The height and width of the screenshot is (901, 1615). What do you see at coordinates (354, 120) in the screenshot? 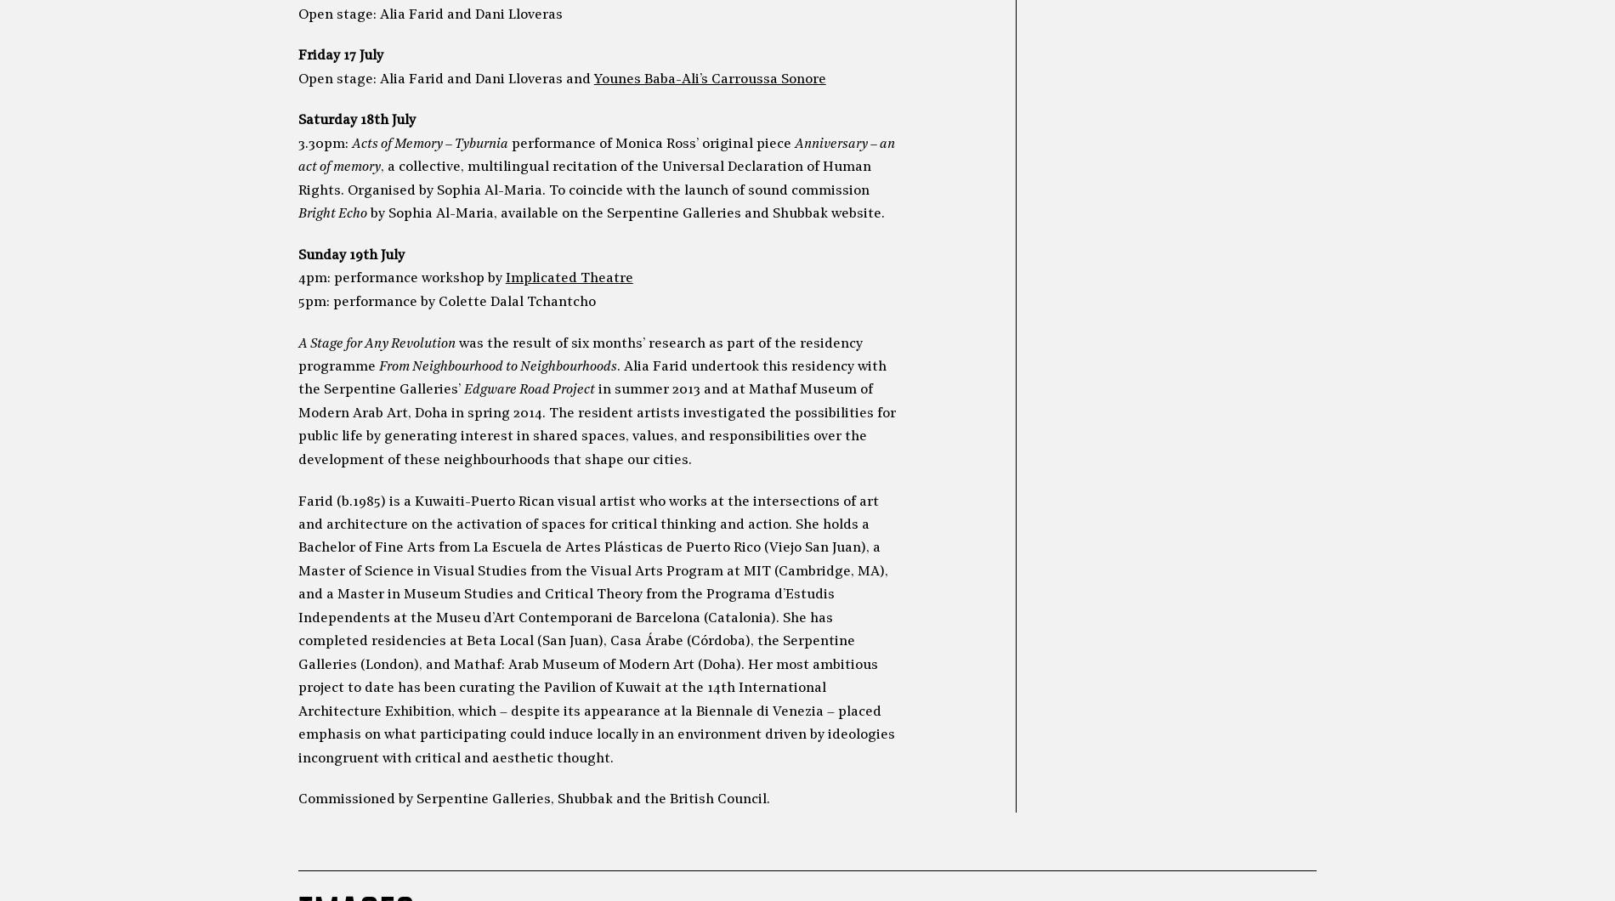
I see `'Saturday 18th July'` at bounding box center [354, 120].